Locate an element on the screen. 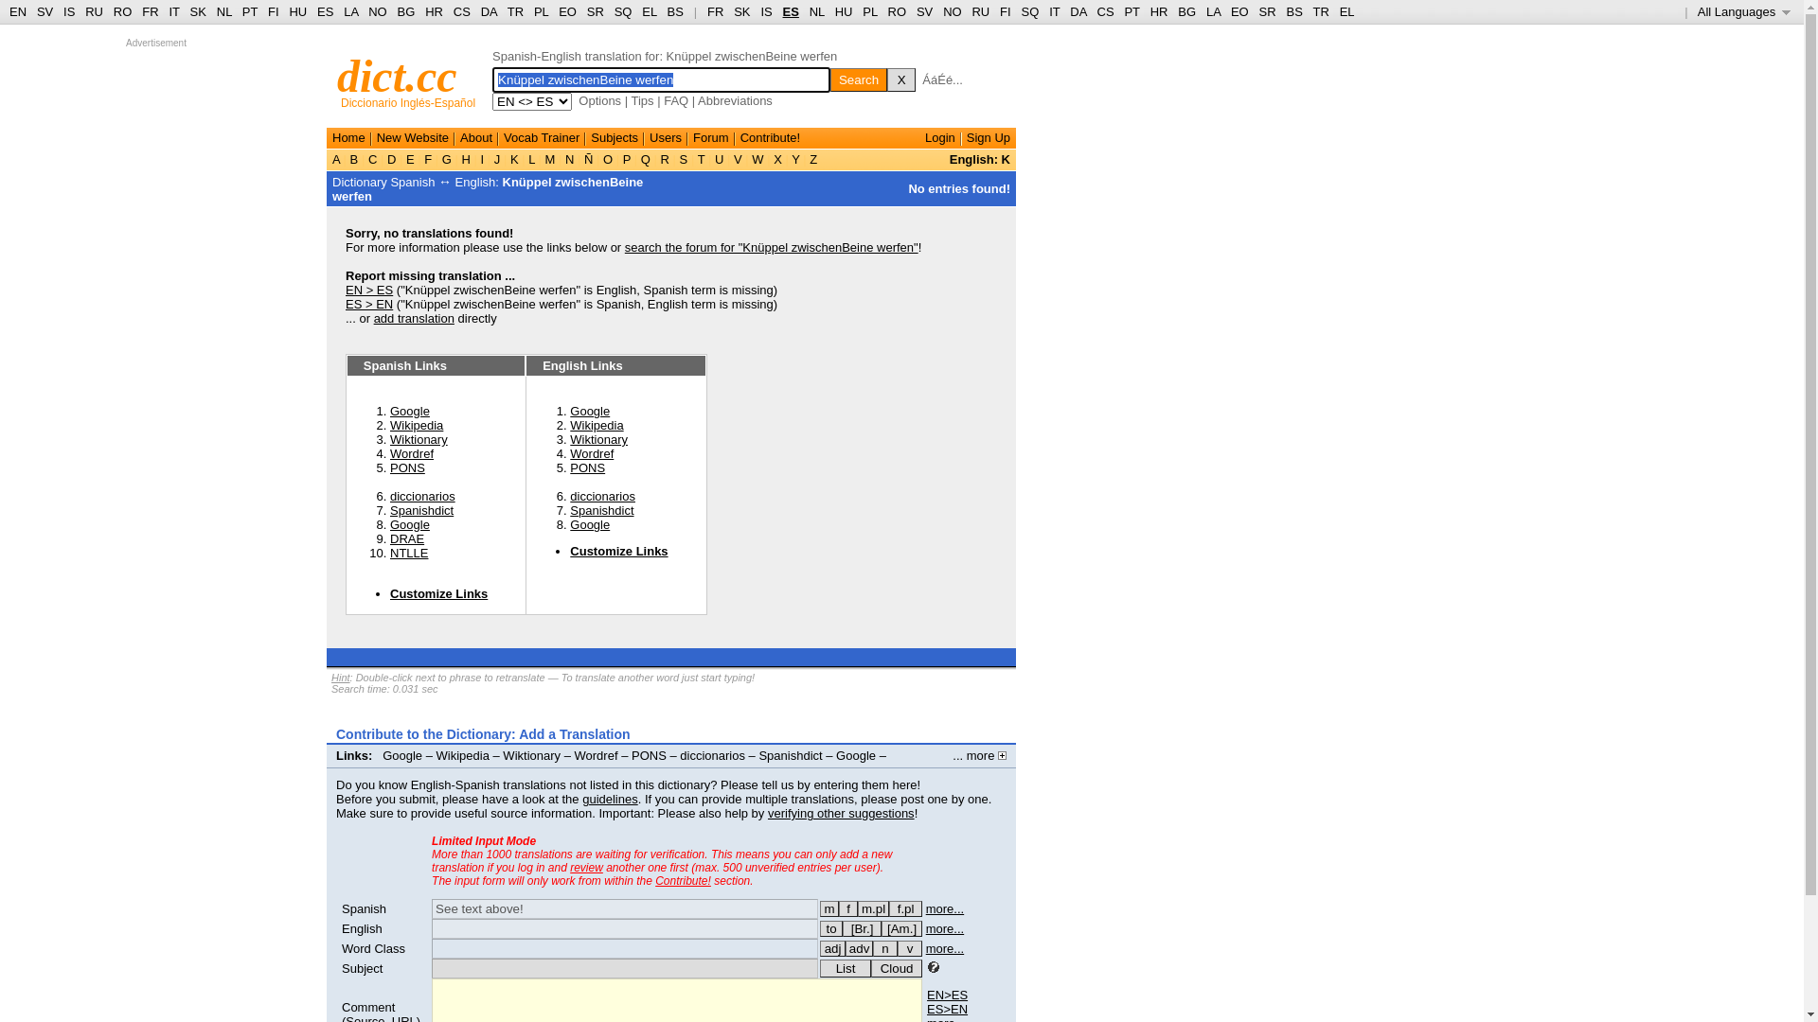  'D' is located at coordinates (390, 158).